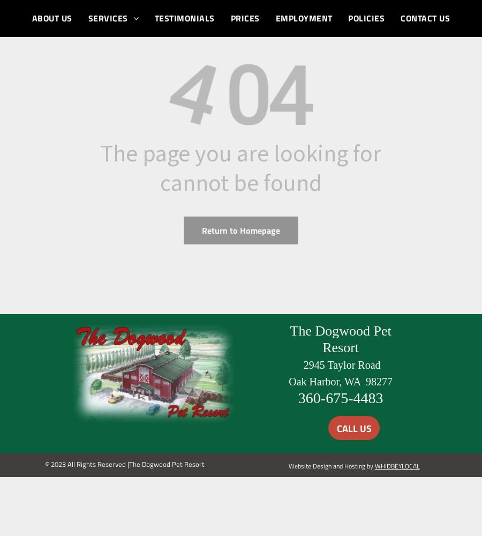 This screenshot has width=482, height=536. What do you see at coordinates (184, 18) in the screenshot?
I see `'TESTIMONIALS'` at bounding box center [184, 18].